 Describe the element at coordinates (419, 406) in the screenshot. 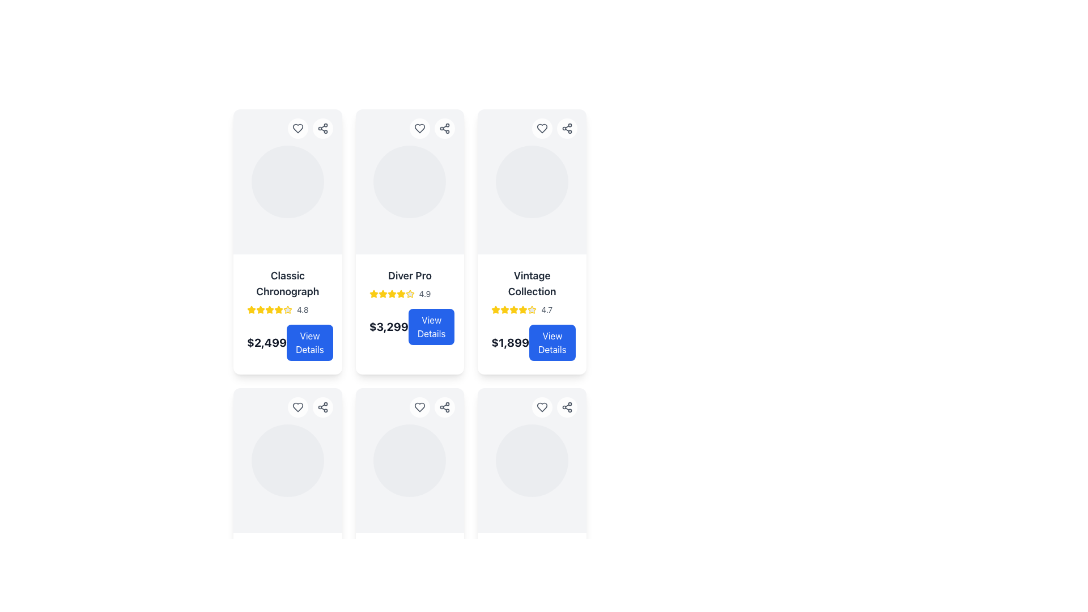

I see `the heart-shaped icon in the top-right corner of the middle card in the bottom row to mark the associated item as a favorite` at that location.